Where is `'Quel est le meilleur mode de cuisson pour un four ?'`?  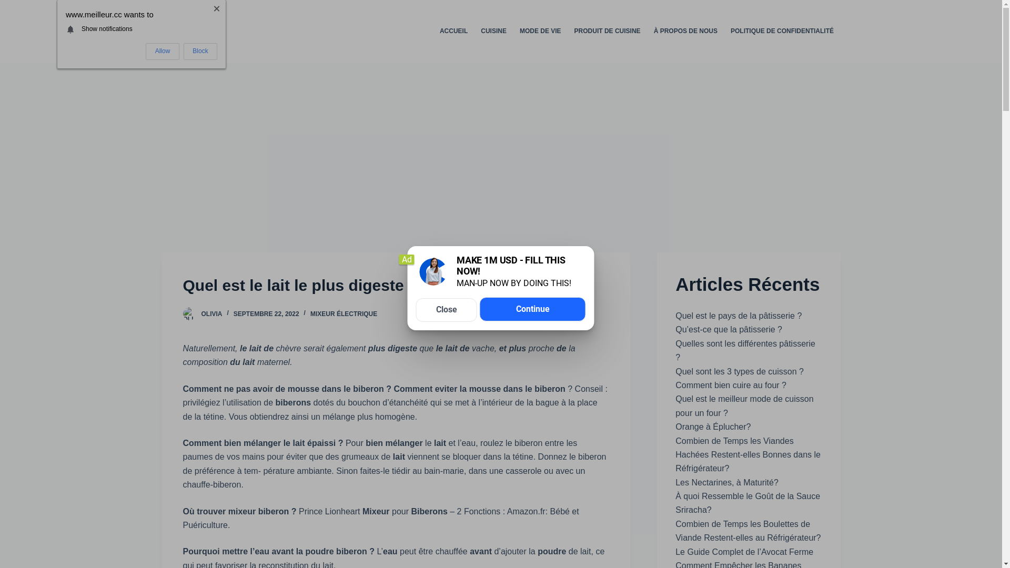
'Quel est le meilleur mode de cuisson pour un four ?' is located at coordinates (744, 405).